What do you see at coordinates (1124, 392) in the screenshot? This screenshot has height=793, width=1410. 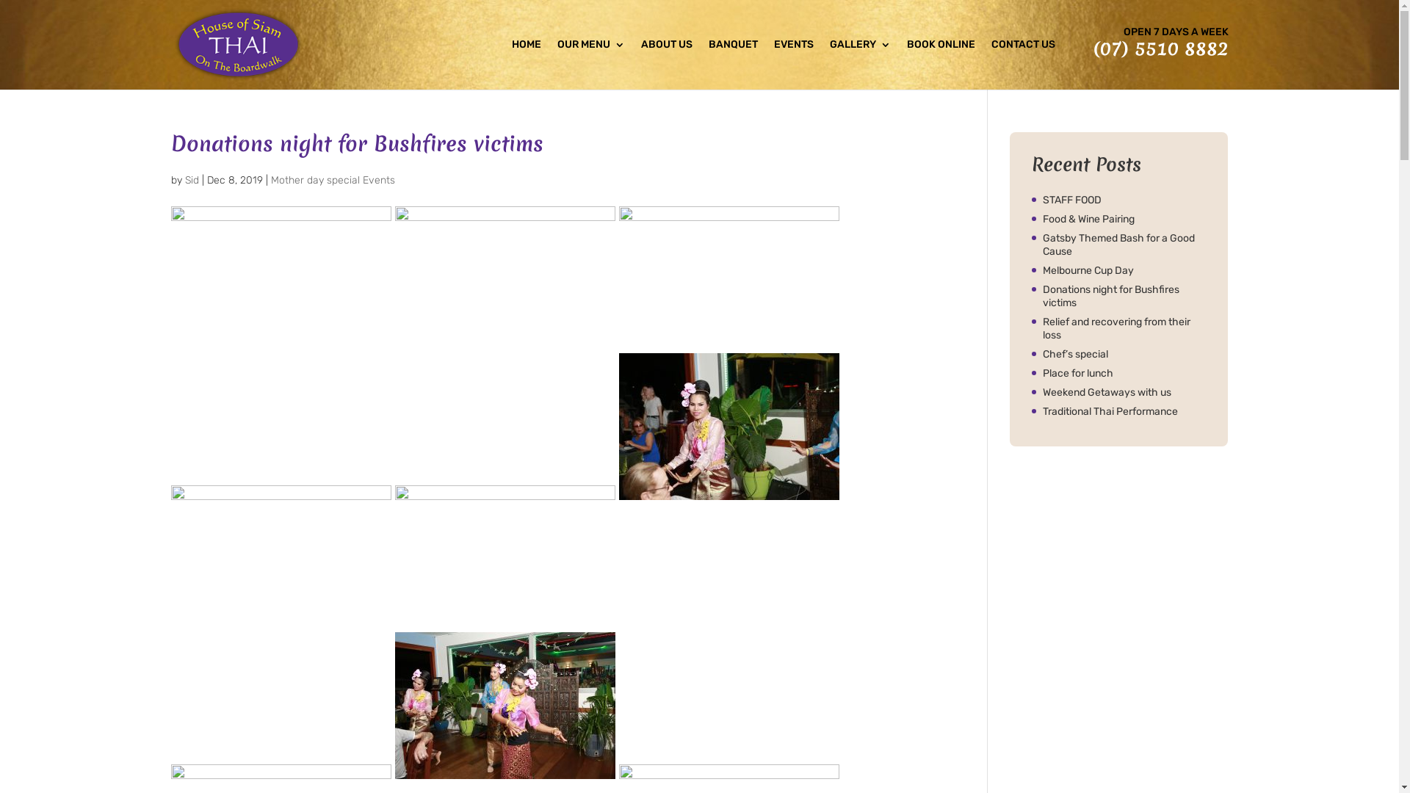 I see `'Weekend Getaways with us'` at bounding box center [1124, 392].